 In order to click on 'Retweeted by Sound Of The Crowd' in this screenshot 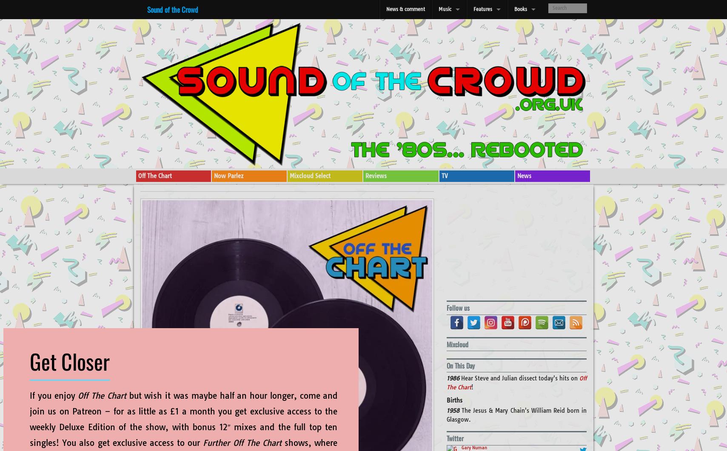, I will do `click(498, 408)`.